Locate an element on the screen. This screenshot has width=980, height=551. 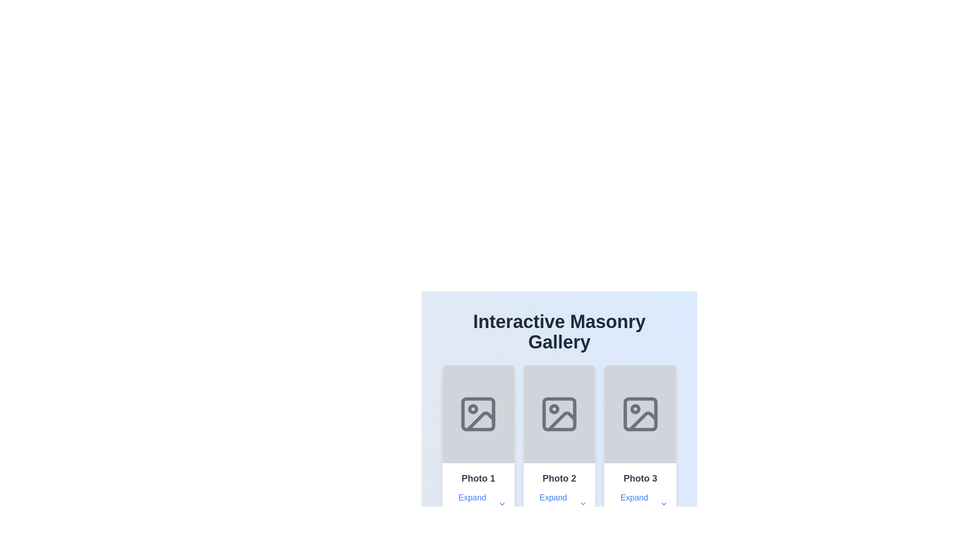
photo icon represented by the square SVG element with rounded corners located in the third column of the grid labeled 'Interactive Masonry Gallery' is located at coordinates (640, 414).